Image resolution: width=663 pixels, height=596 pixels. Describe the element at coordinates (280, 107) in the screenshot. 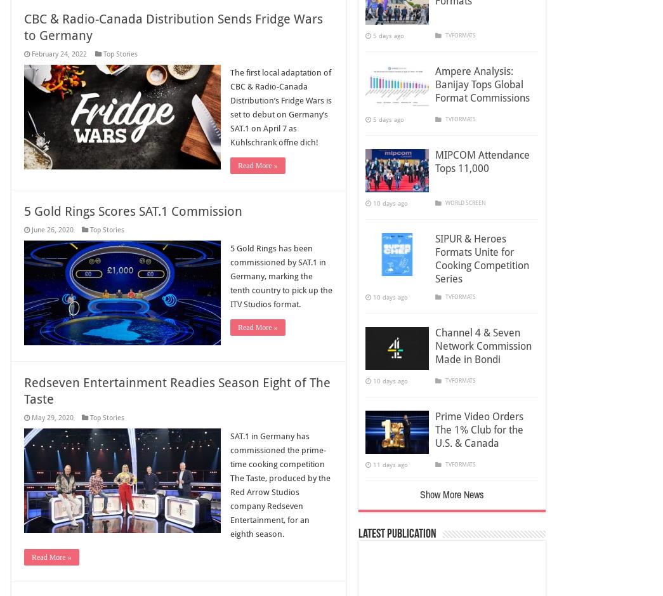

I see `'The first local adaptation of CBC & Radio-Canada Distribution’s Fridge Wars is set to debut on Germany’s SAT.1 on April 7 as Kühlschrank öffne dich!'` at that location.